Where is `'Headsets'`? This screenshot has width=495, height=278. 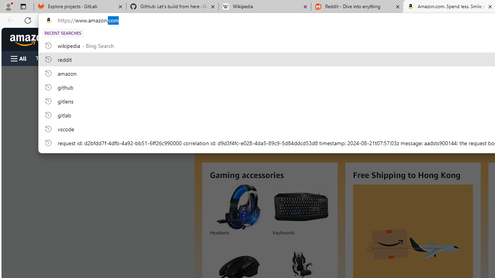 'Headsets' is located at coordinates (237, 207).